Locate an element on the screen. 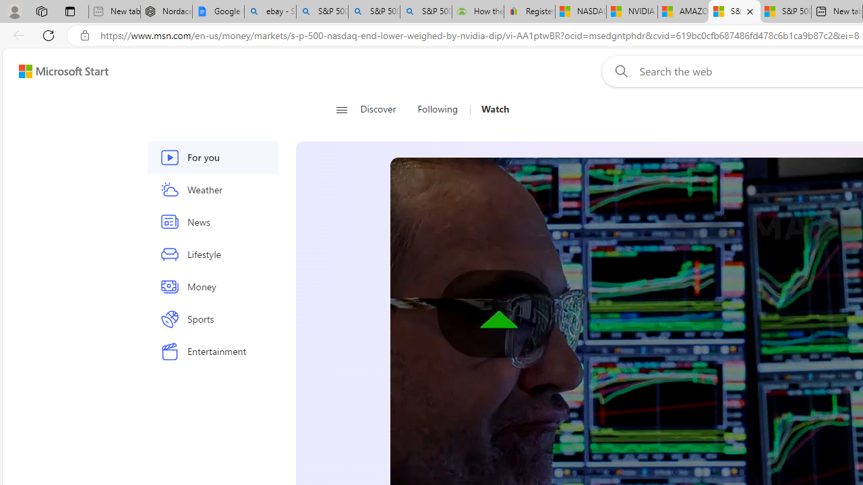 This screenshot has width=863, height=485. 'Following' is located at coordinates (438, 109).